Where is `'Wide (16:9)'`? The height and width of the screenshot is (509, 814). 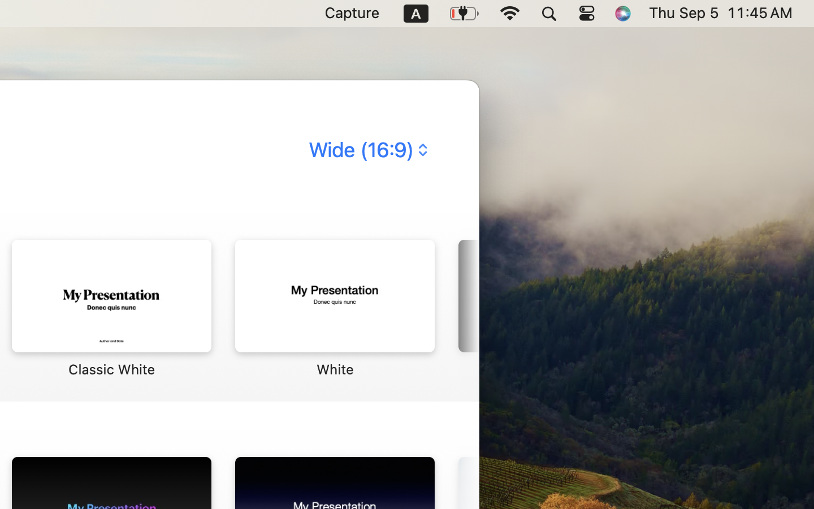
'Wide (16:9)' is located at coordinates (366, 149).